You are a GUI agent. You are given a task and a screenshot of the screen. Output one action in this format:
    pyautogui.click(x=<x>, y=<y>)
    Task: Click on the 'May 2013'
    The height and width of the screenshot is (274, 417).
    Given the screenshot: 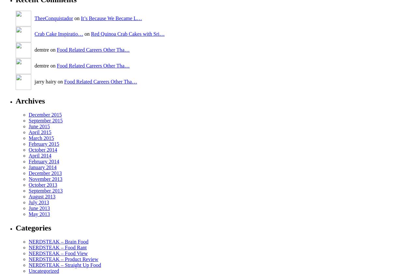 What is the action you would take?
    pyautogui.click(x=39, y=213)
    